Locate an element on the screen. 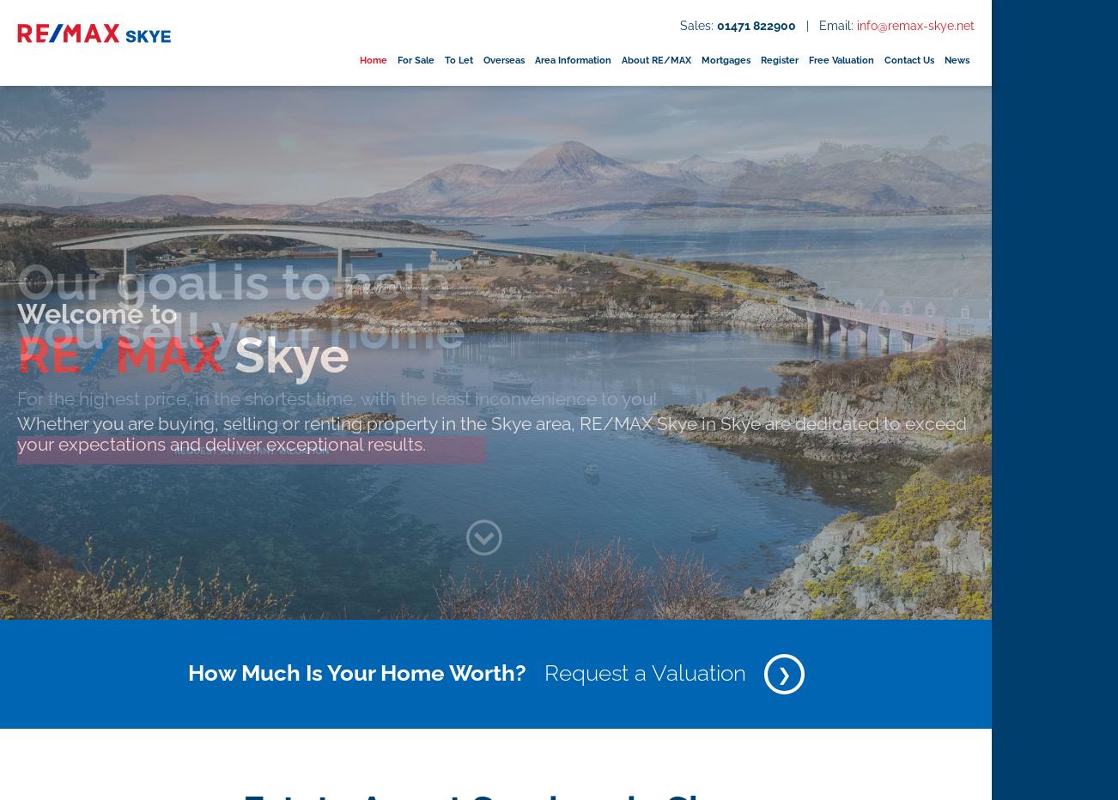  'How Much Is Your Home Worth?' is located at coordinates (355, 671).